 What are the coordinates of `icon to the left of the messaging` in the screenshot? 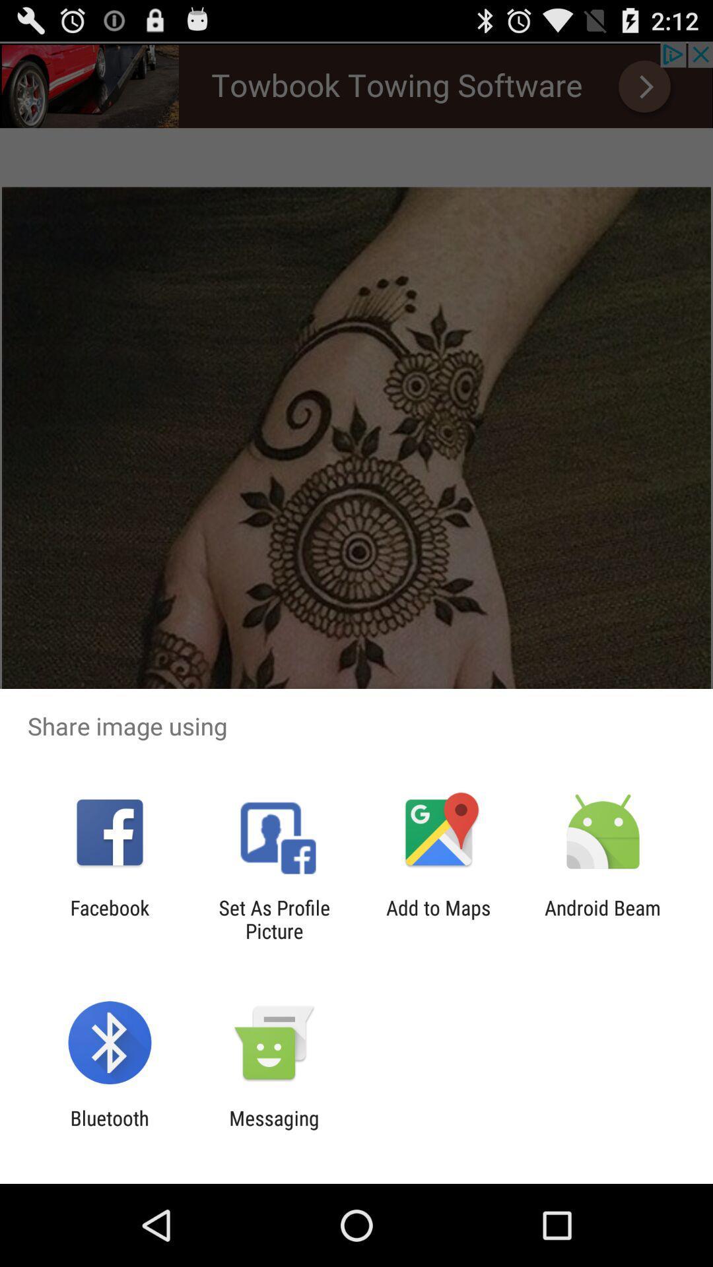 It's located at (109, 1129).